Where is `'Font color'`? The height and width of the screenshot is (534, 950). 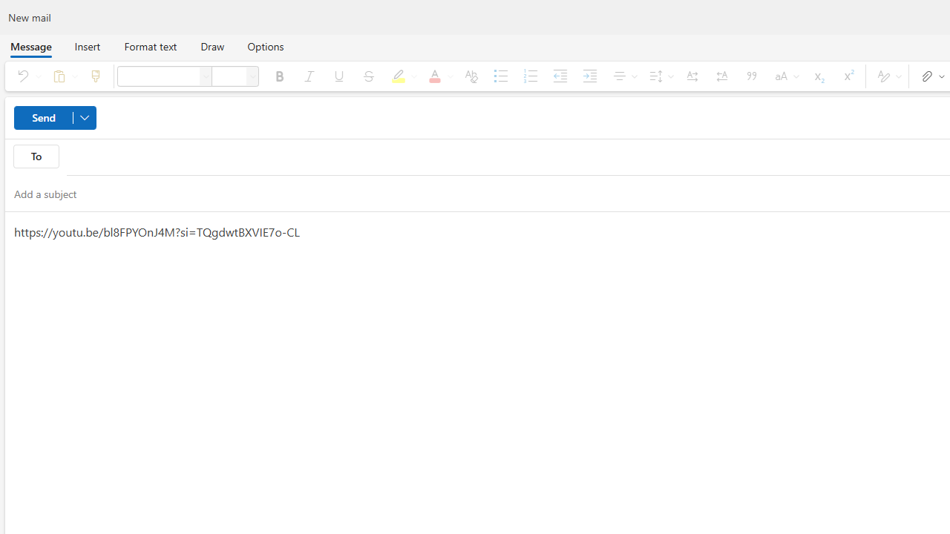 'Font color' is located at coordinates (437, 76).